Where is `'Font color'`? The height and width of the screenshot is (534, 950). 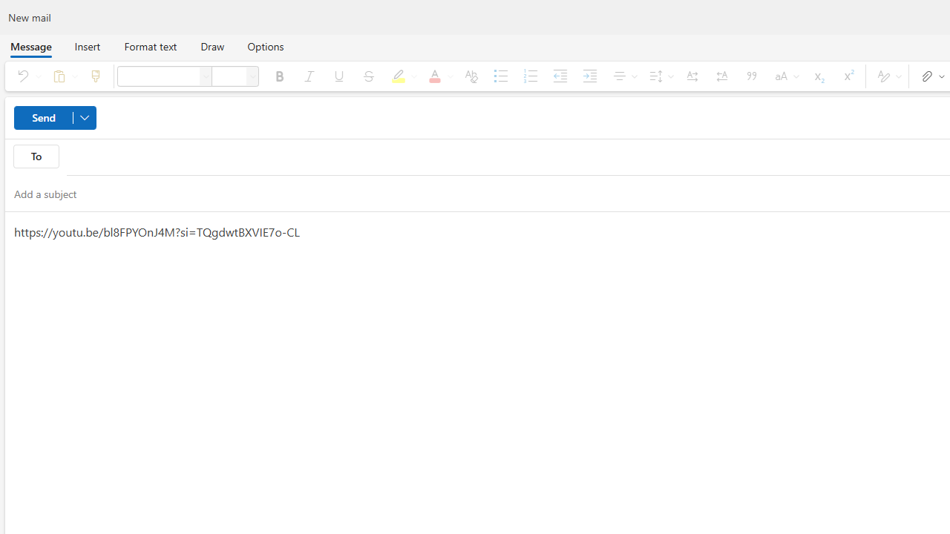 'Font color' is located at coordinates (437, 76).